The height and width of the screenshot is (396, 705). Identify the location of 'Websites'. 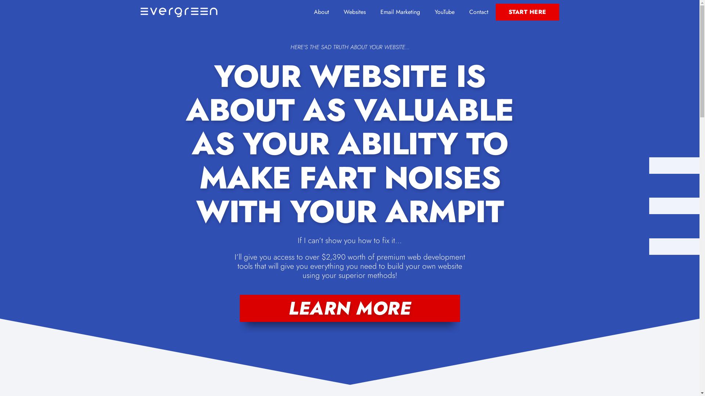
(354, 12).